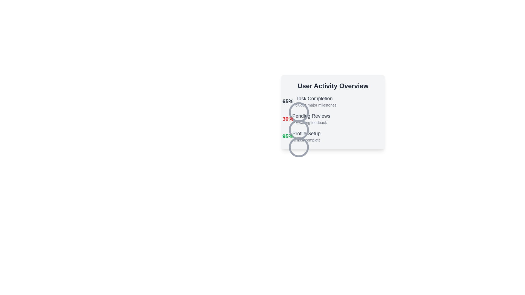  What do you see at coordinates (333, 86) in the screenshot?
I see `the header text 'User Activity Overview', which is prominently styled and positioned at the top of the user activity statistics panel` at bounding box center [333, 86].